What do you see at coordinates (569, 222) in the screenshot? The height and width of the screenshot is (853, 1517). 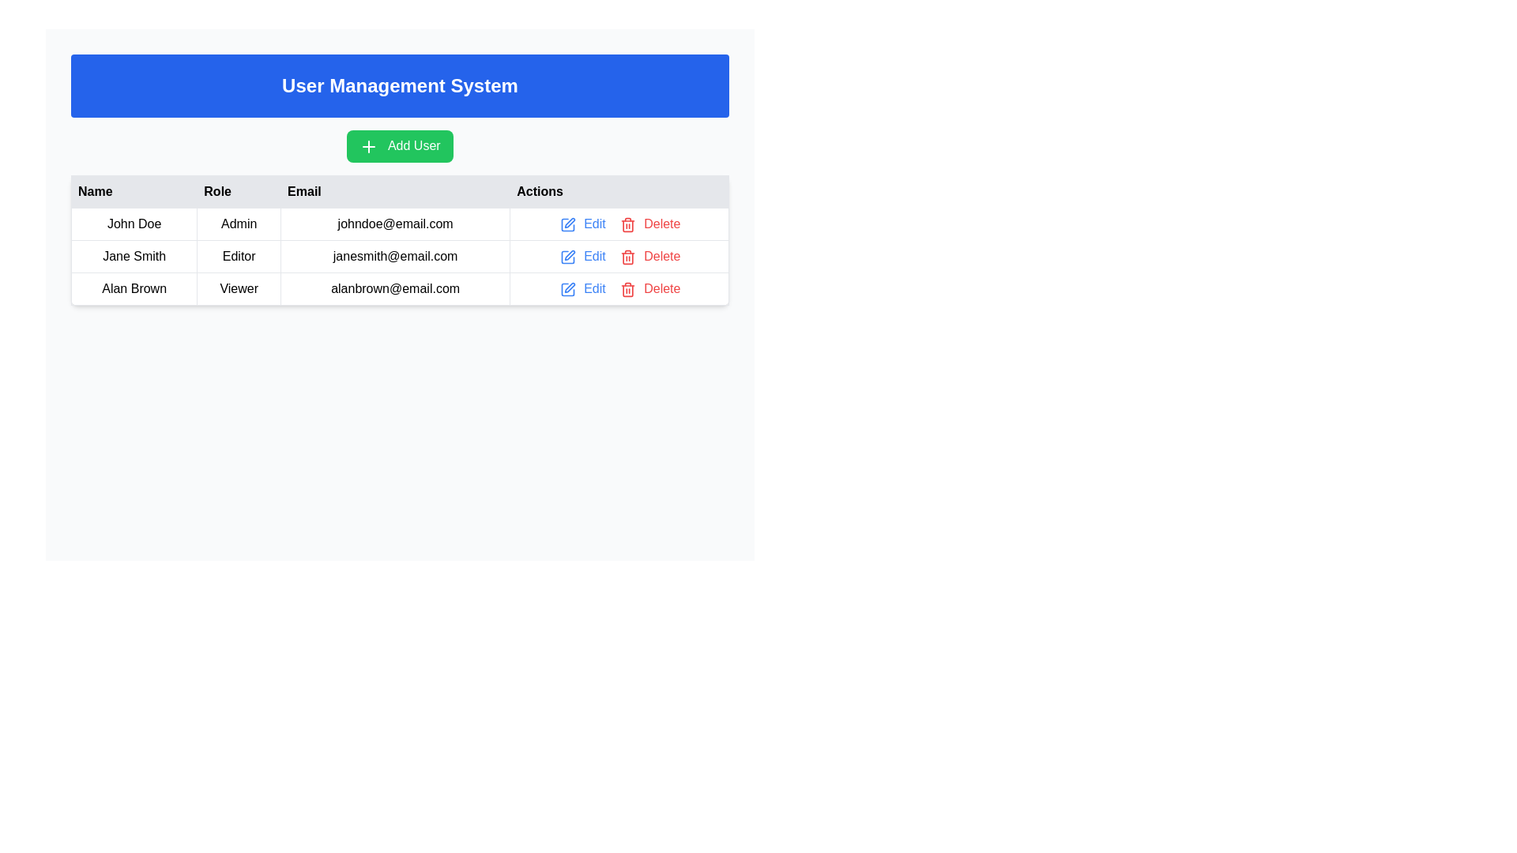 I see `the edit icon in the 'Actions' column for the user 'Jane Smith'` at bounding box center [569, 222].